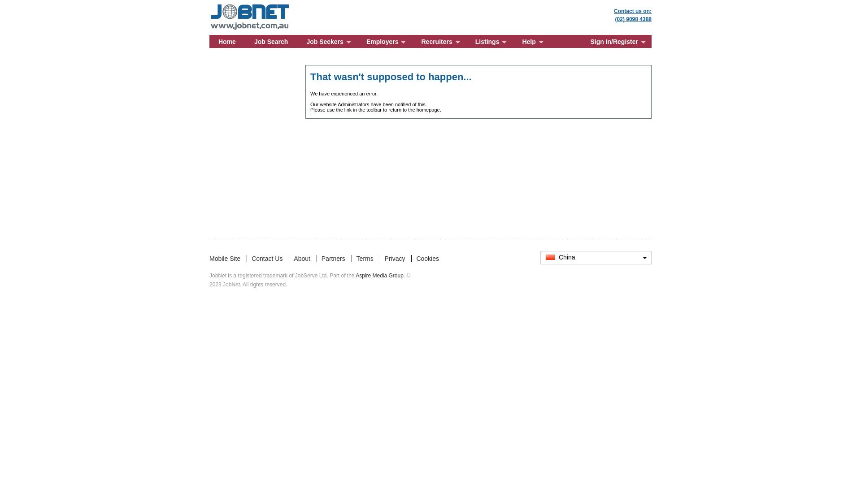 This screenshot has height=484, width=861. I want to click on 'Aspire Media Group', so click(379, 275).